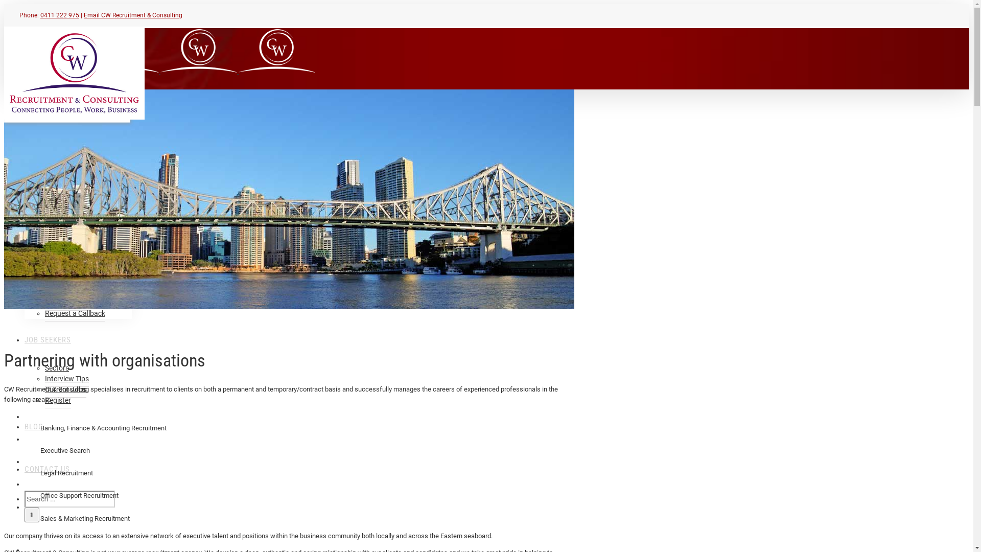 The width and height of the screenshot is (981, 552). Describe the element at coordinates (59, 15) in the screenshot. I see `'0411 222 975'` at that location.